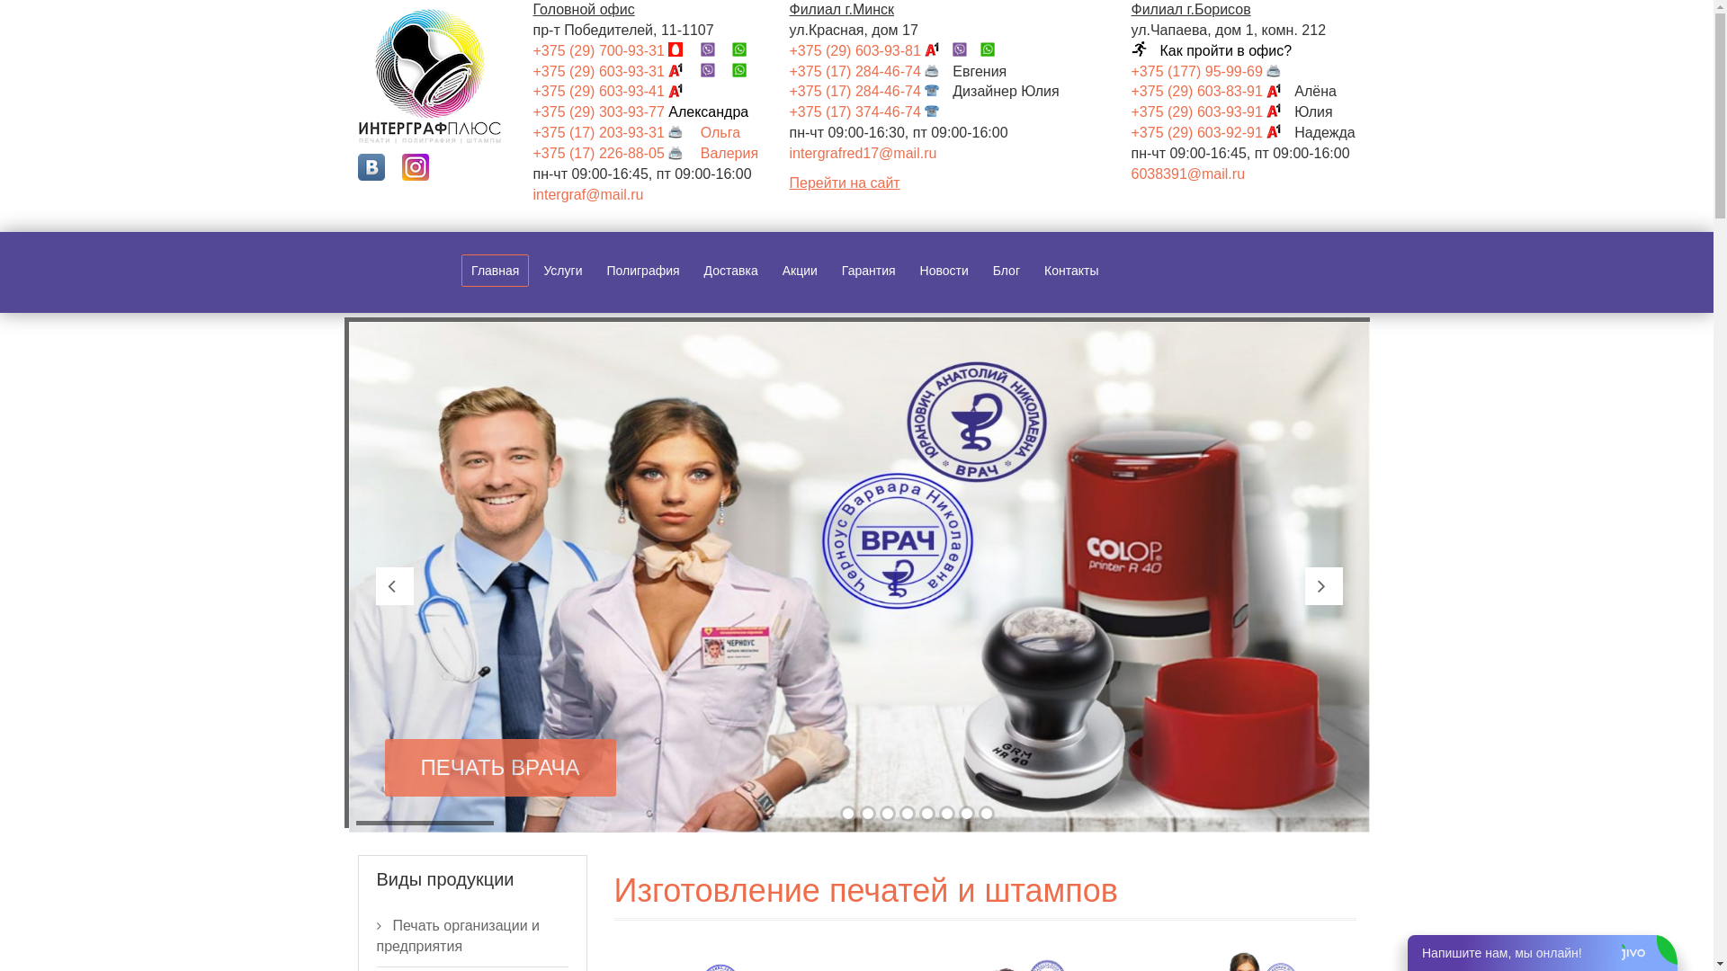  What do you see at coordinates (1212, 131) in the screenshot?
I see `'+375 (29) 603-92-91 '` at bounding box center [1212, 131].